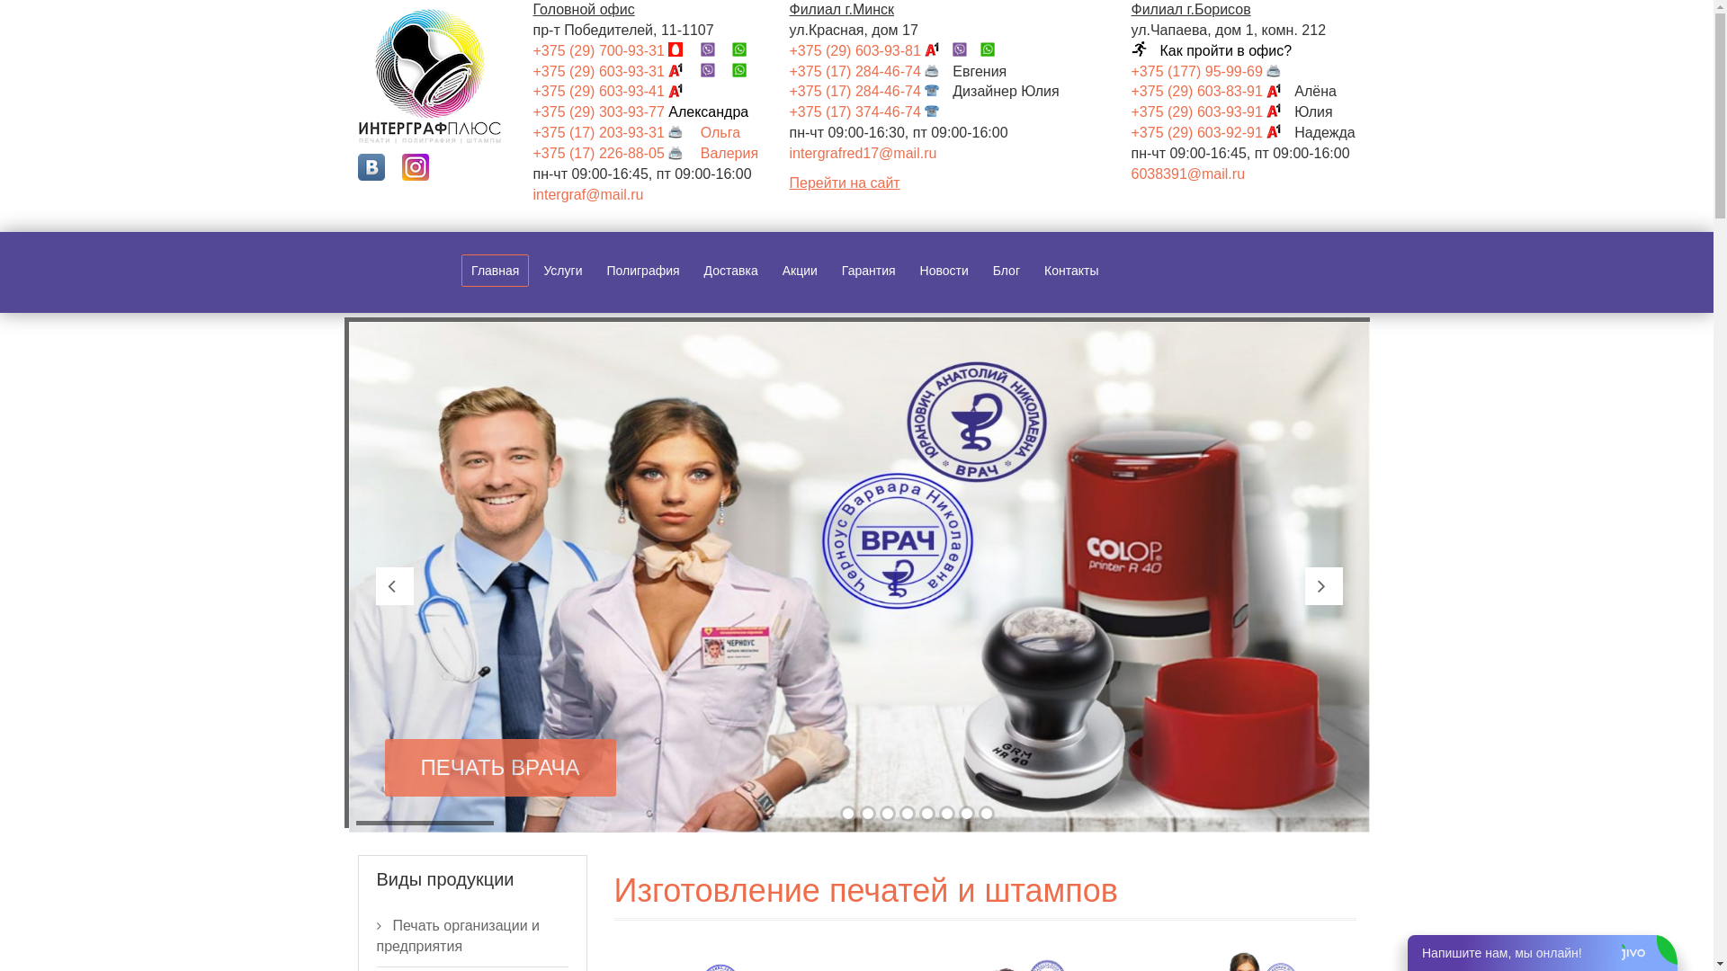  What do you see at coordinates (1212, 131) in the screenshot?
I see `'+375 (29) 603-92-91 '` at bounding box center [1212, 131].